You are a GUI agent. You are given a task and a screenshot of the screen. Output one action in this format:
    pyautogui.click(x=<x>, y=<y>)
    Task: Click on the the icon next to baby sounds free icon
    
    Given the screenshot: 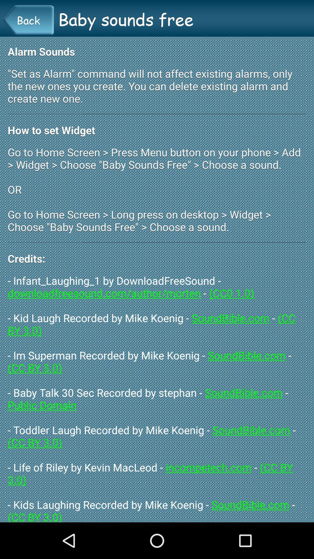 What is the action you would take?
    pyautogui.click(x=28, y=20)
    